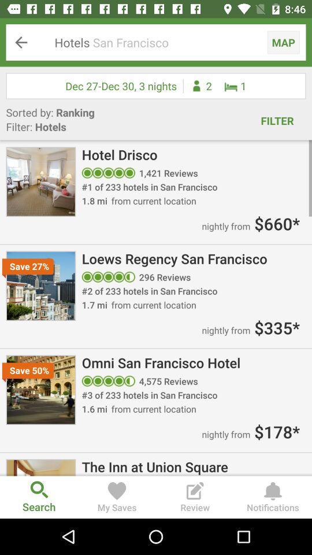  What do you see at coordinates (295, 45) in the screenshot?
I see `the minus icon` at bounding box center [295, 45].